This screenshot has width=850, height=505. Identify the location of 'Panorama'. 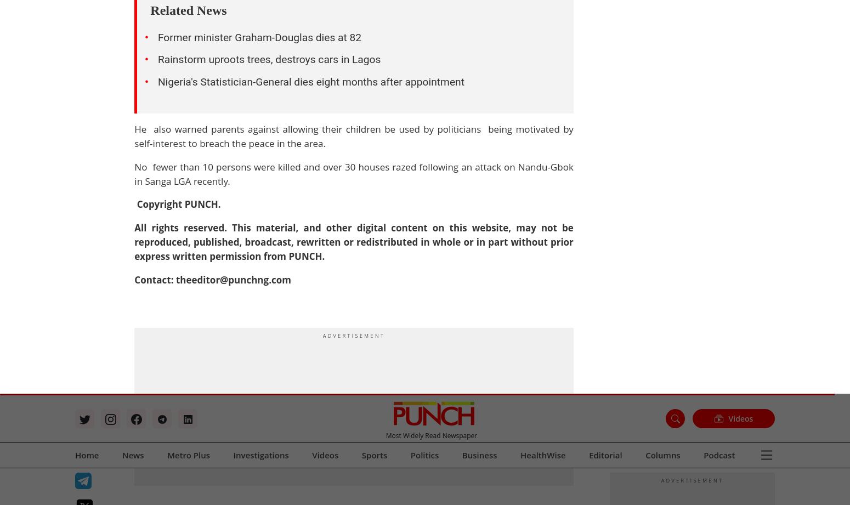
(340, 37).